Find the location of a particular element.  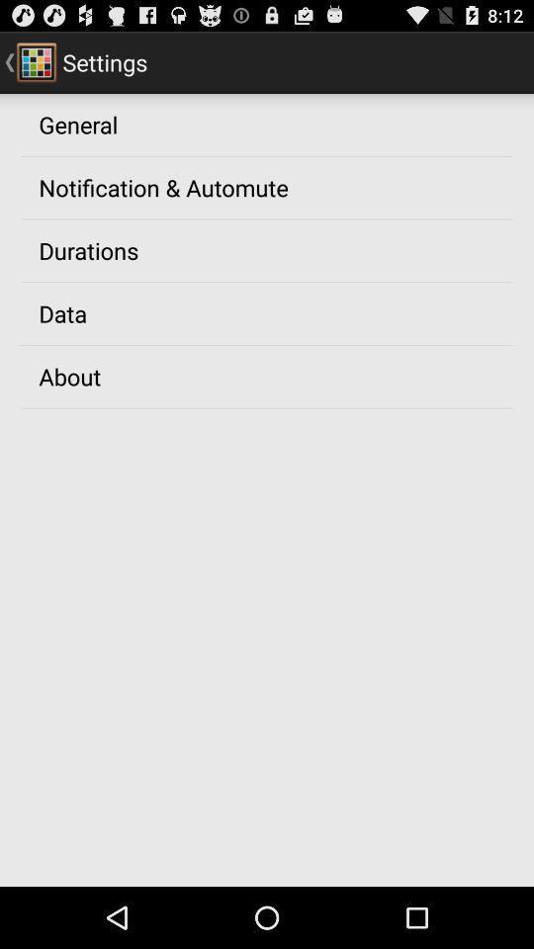

durations app is located at coordinates (87, 249).